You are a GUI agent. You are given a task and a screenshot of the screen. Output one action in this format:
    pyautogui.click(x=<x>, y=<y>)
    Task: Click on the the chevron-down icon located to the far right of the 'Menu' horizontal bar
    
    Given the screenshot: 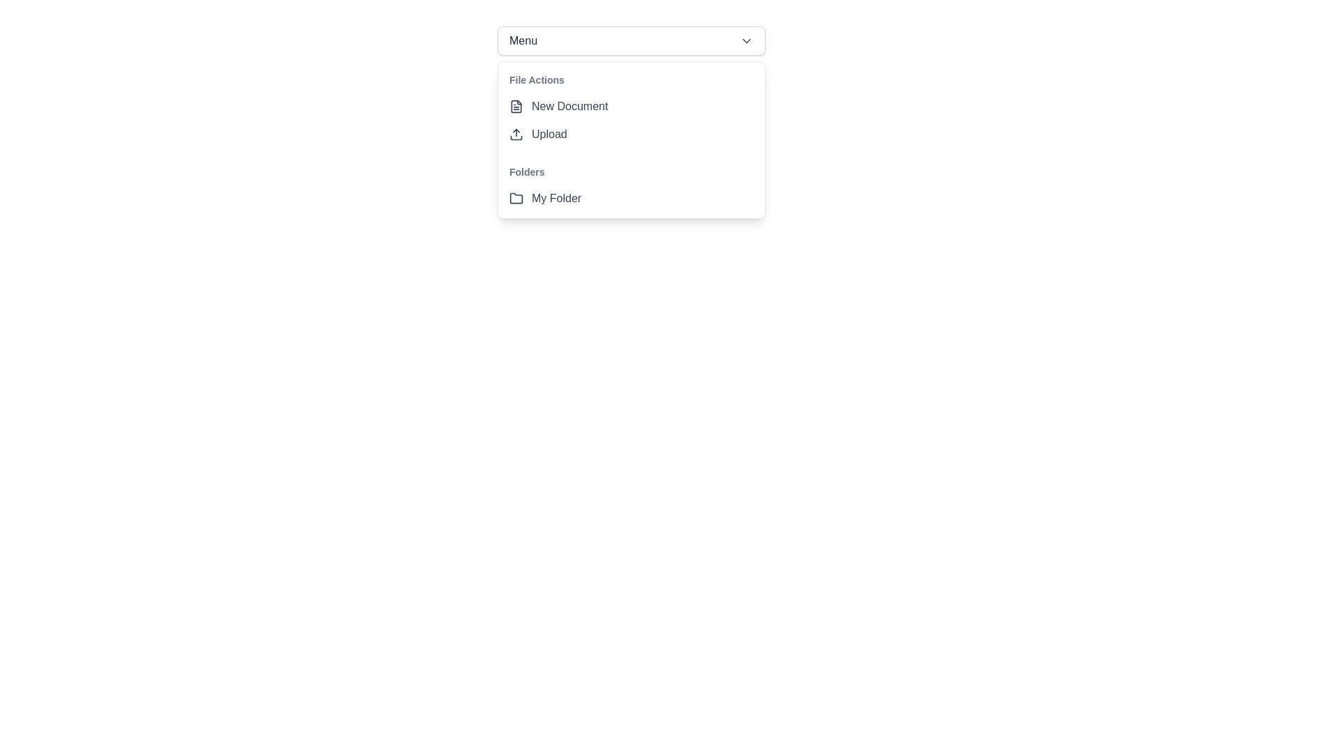 What is the action you would take?
    pyautogui.click(x=746, y=40)
    